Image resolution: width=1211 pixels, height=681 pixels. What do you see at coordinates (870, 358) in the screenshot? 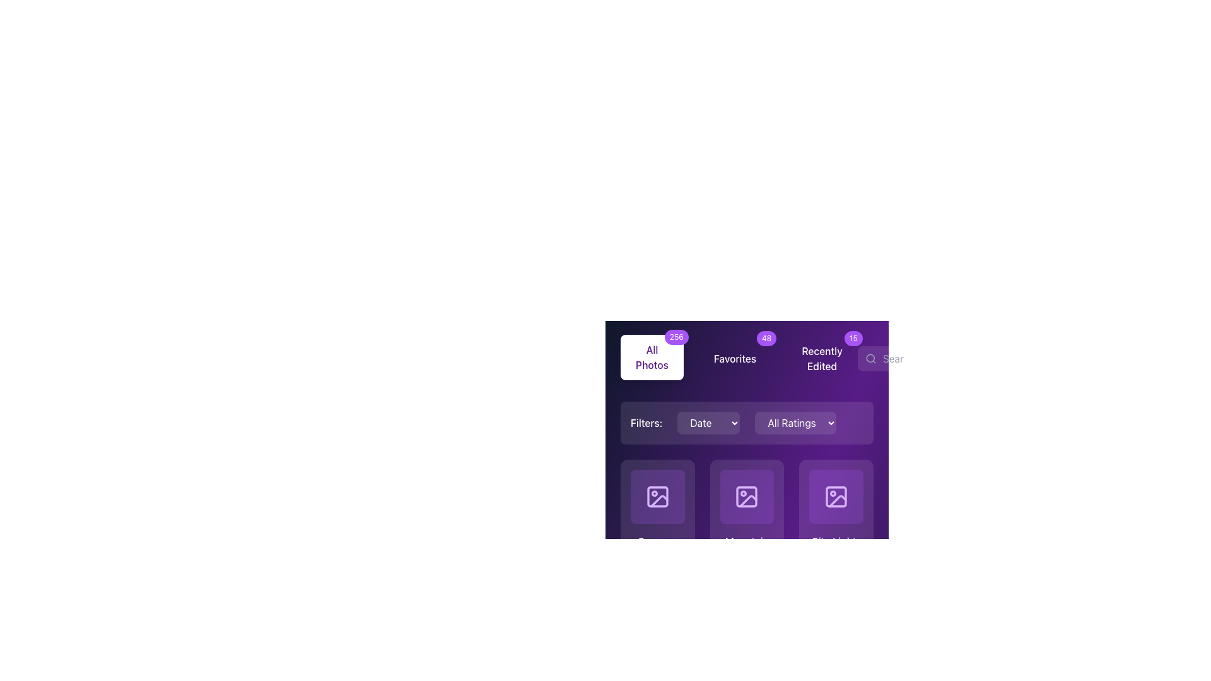
I see `the circular lens component of the magnifying glass icon located on the right side of the interface, adjacent to the 'Search' text label` at bounding box center [870, 358].